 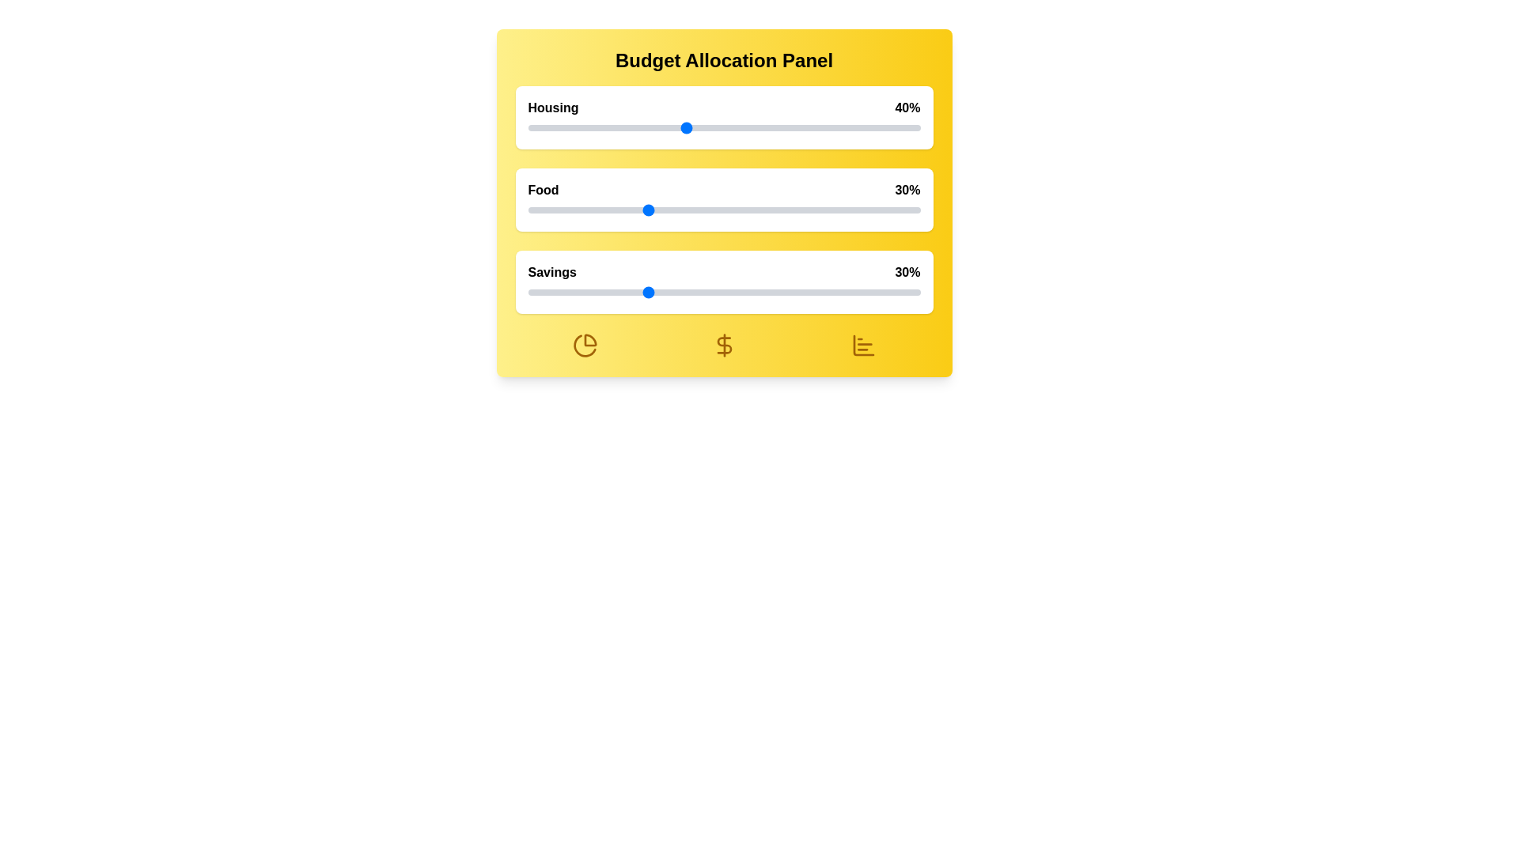 I want to click on the housing budget allocation, so click(x=775, y=127).